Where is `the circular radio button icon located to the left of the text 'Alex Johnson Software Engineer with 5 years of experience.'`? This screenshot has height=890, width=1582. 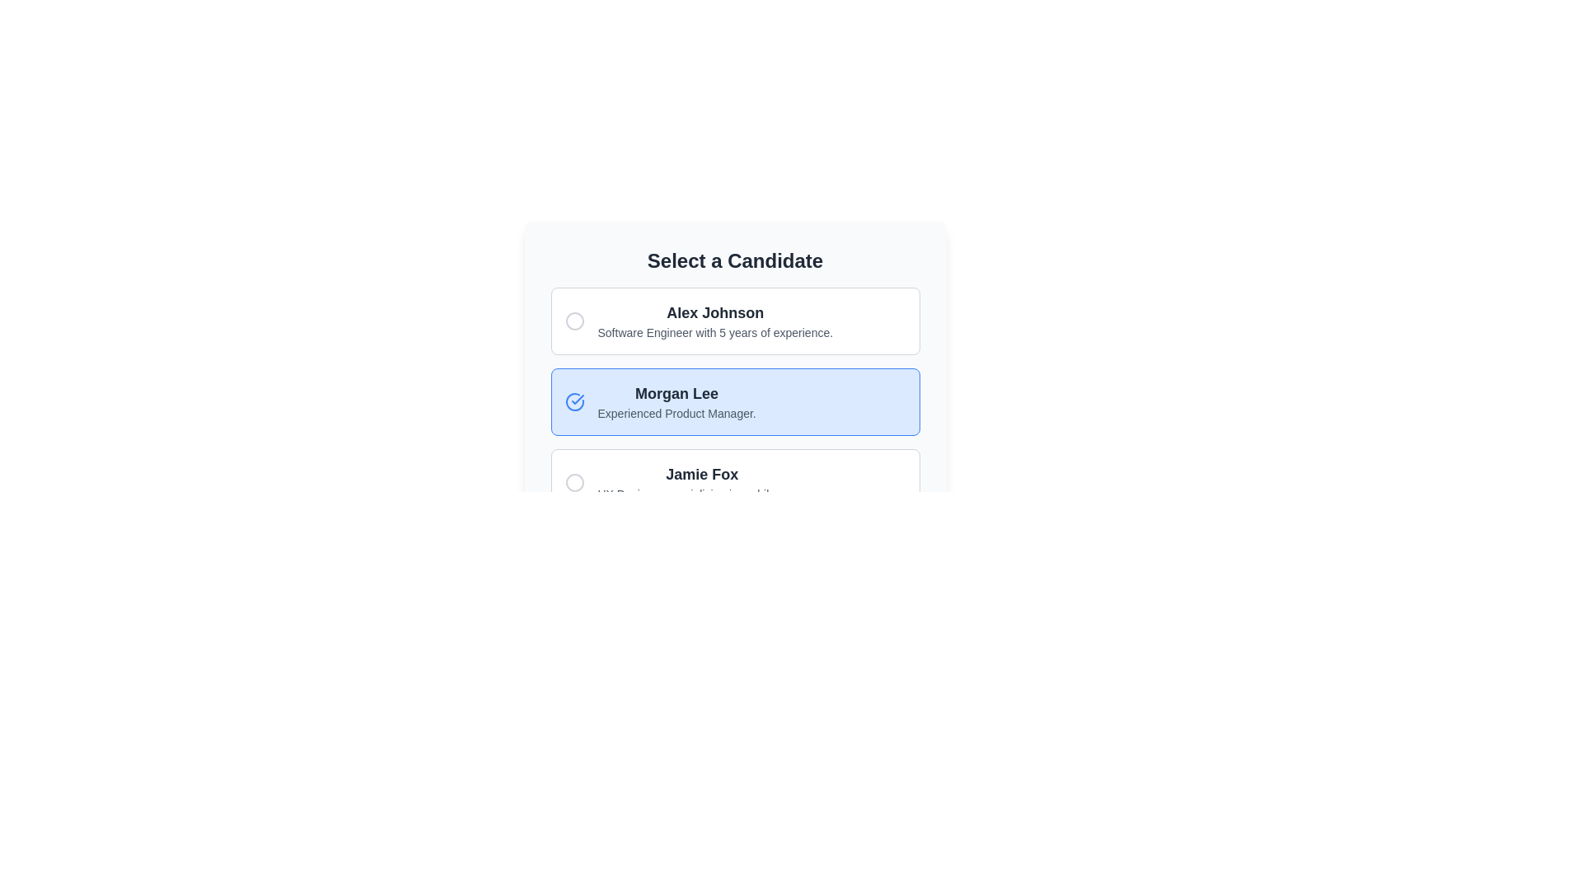 the circular radio button icon located to the left of the text 'Alex Johnson Software Engineer with 5 years of experience.' is located at coordinates (574, 321).